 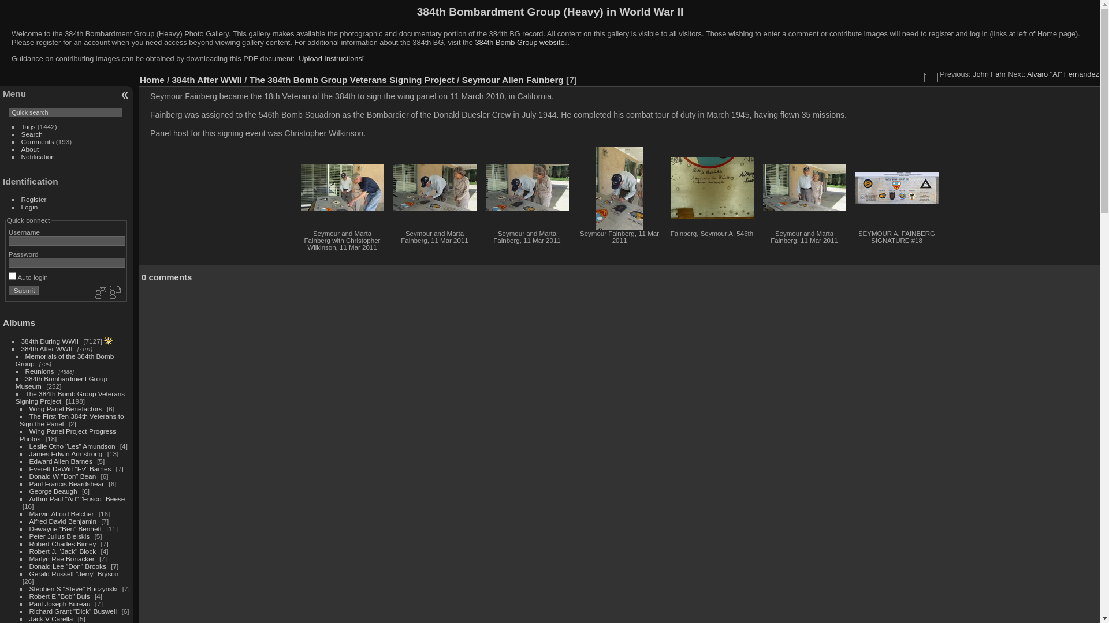 I want to click on 'Login', so click(x=29, y=206).